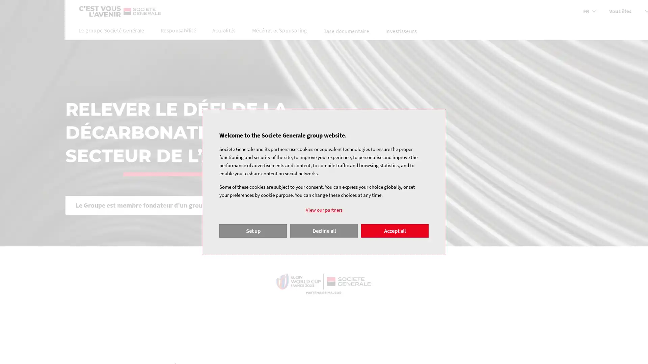  I want to click on Mecenat et Sponsoring, so click(279, 57).